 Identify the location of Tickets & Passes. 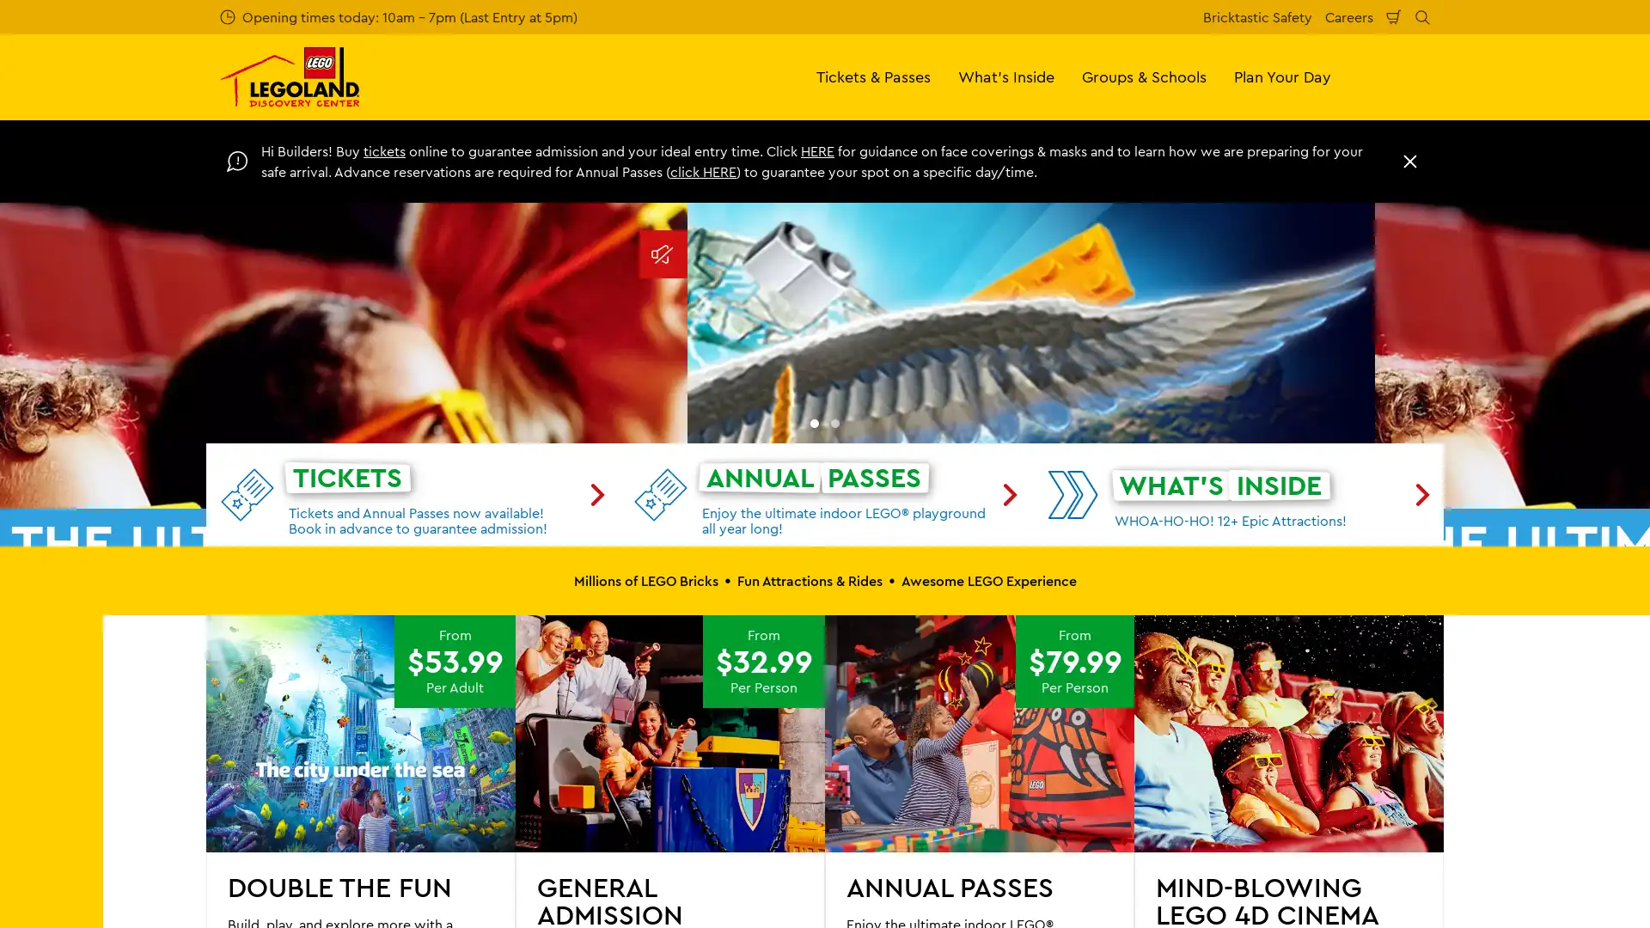
(873, 76).